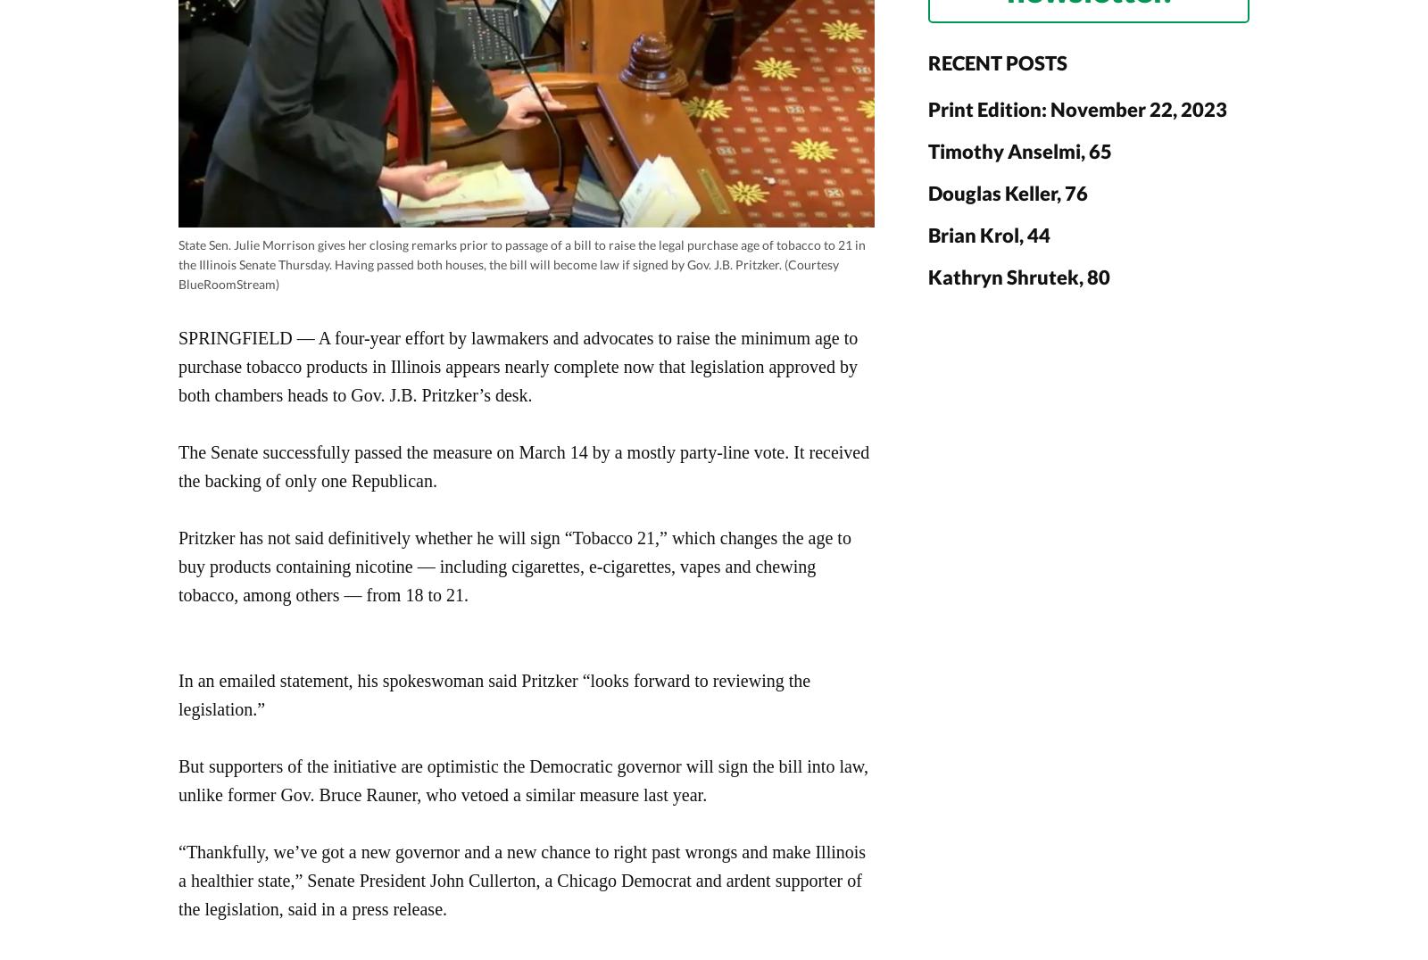 This screenshot has width=1428, height=960. What do you see at coordinates (520, 263) in the screenshot?
I see `'State Sen. Julie Morrison gives her closing remarks prior to passage of a bill to raise the legal purchase age of tobacco to 21 in the Illinois Senate Thursday. Having passed both houses, the bill will become law if signed by Gov. J.B. Pritzker. (Courtesy BlueRoomStream)'` at bounding box center [520, 263].